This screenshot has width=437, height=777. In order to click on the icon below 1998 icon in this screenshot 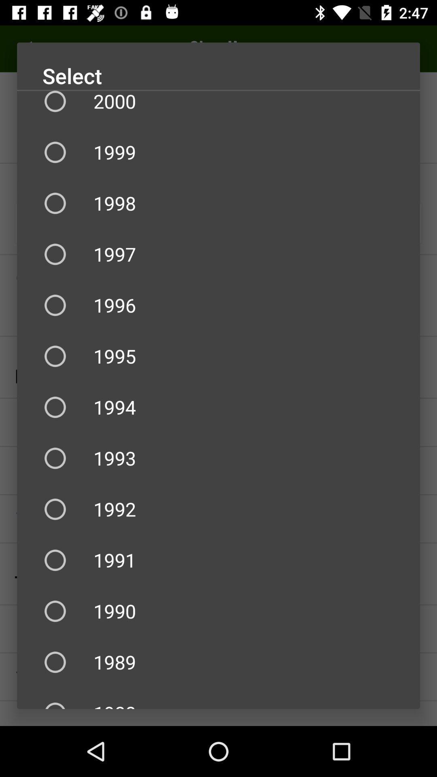, I will do `click(218, 254)`.